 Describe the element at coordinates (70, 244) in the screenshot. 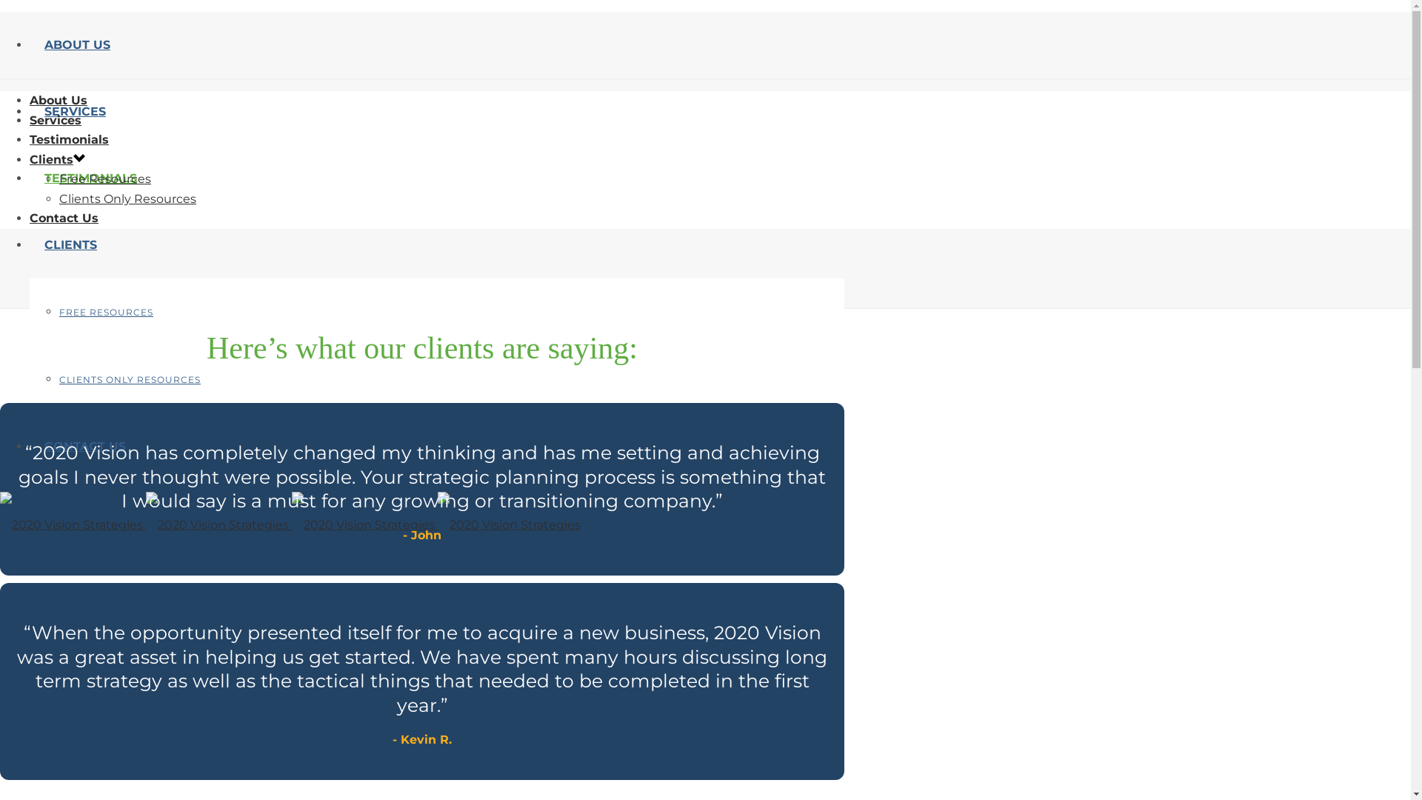

I see `'CLIENTS'` at that location.